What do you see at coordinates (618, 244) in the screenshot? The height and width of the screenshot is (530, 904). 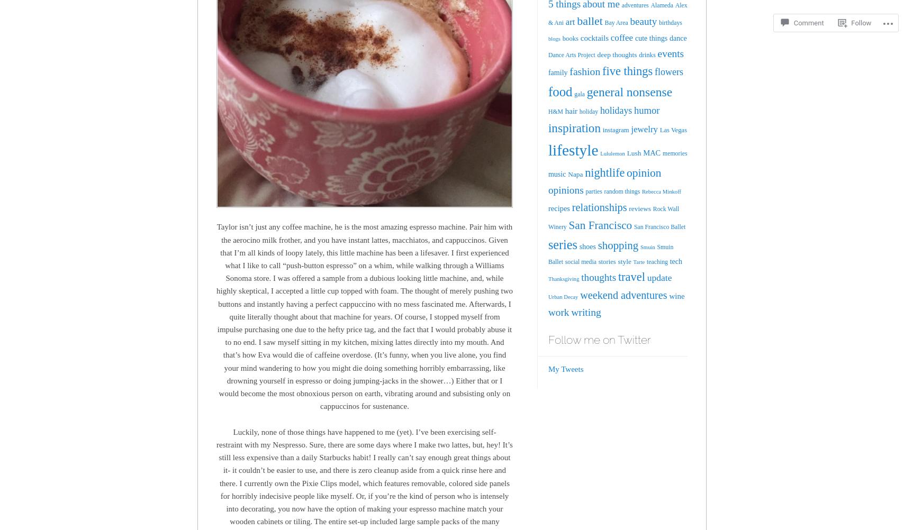 I see `'shopping'` at bounding box center [618, 244].